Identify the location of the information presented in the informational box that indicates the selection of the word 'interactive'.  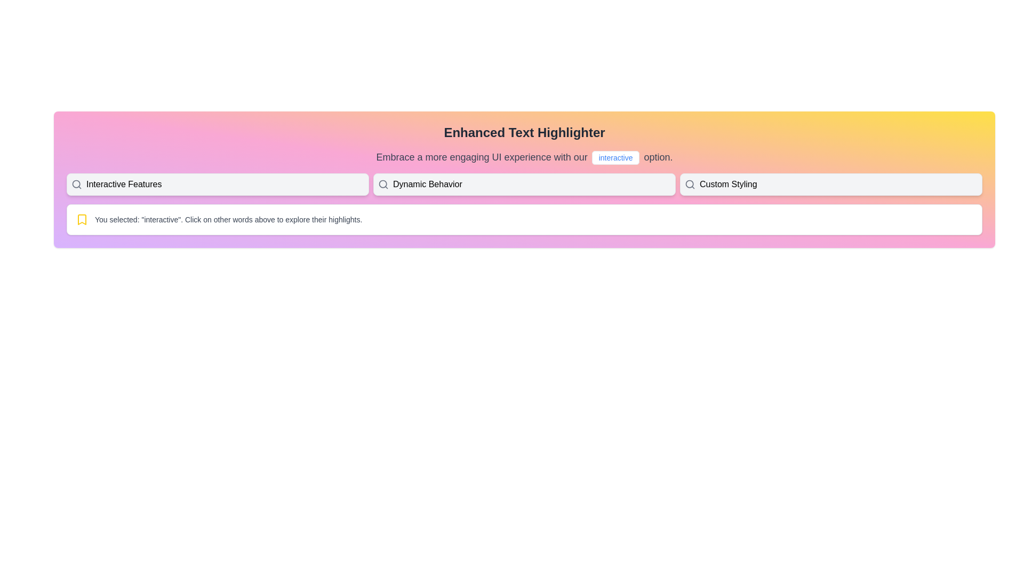
(524, 219).